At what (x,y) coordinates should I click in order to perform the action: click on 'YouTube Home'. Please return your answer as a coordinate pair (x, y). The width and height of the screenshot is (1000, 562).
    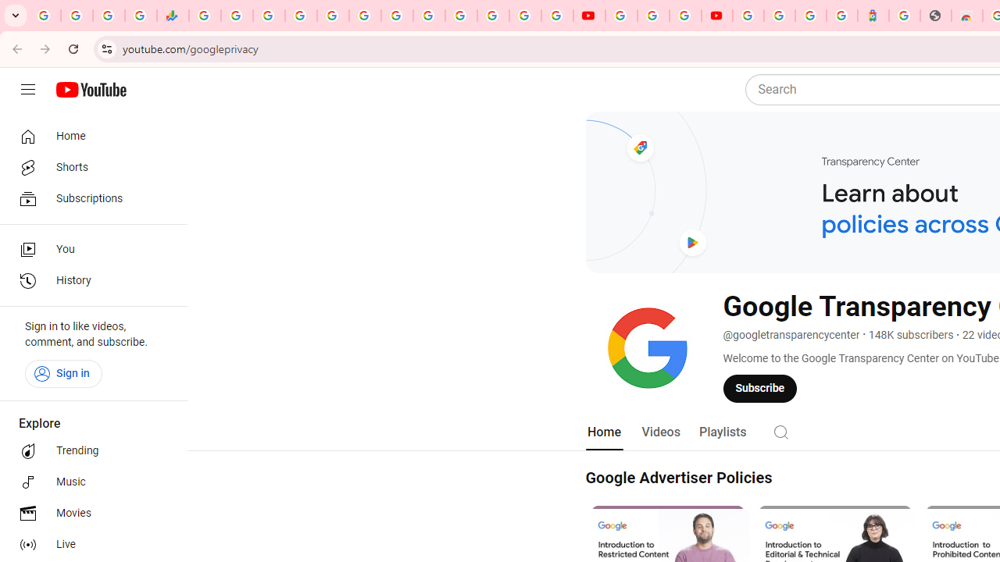
    Looking at the image, I should click on (90, 90).